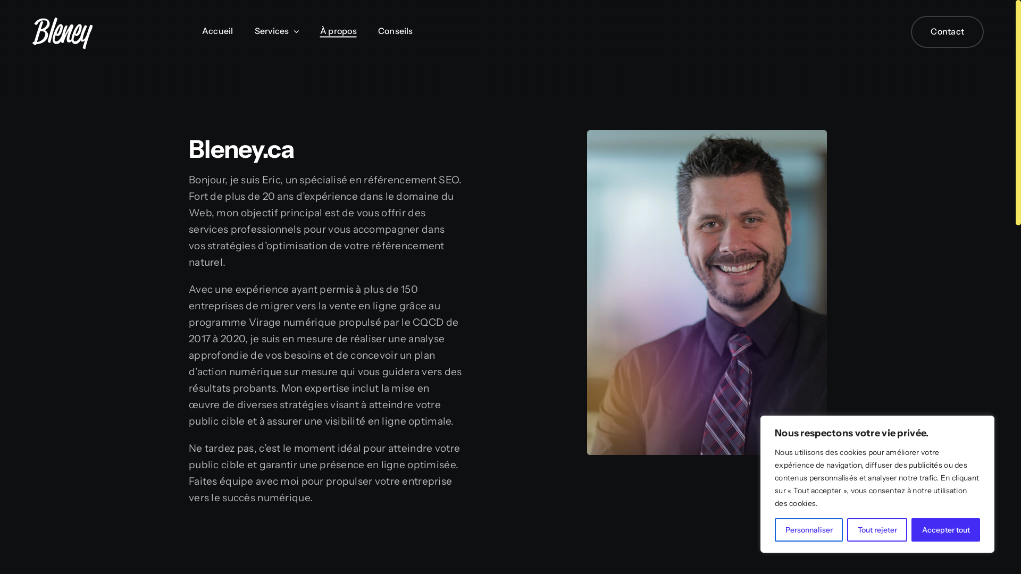 The width and height of the screenshot is (1021, 574). I want to click on 'Services', so click(254, 31).